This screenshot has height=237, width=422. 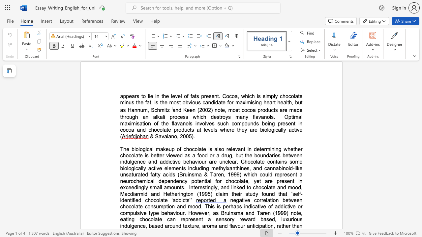 What do you see at coordinates (247, 219) in the screenshot?
I see `the subset text "ard based, luxurious indulge" within the text "a sensory reward based, luxurious indulgence, based around texture,"` at bounding box center [247, 219].